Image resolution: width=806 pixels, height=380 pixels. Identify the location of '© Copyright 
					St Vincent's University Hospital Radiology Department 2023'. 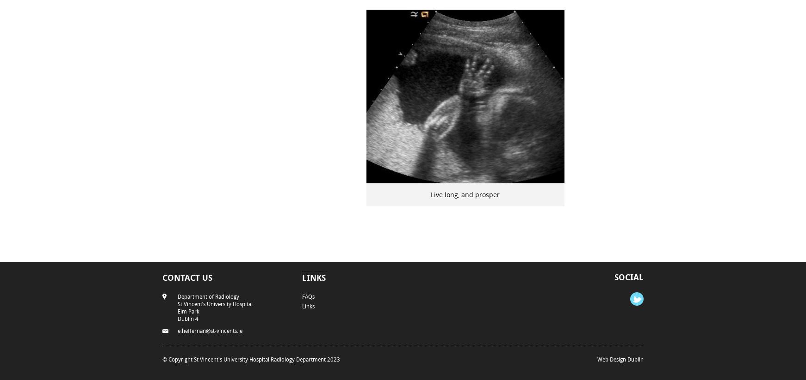
(251, 358).